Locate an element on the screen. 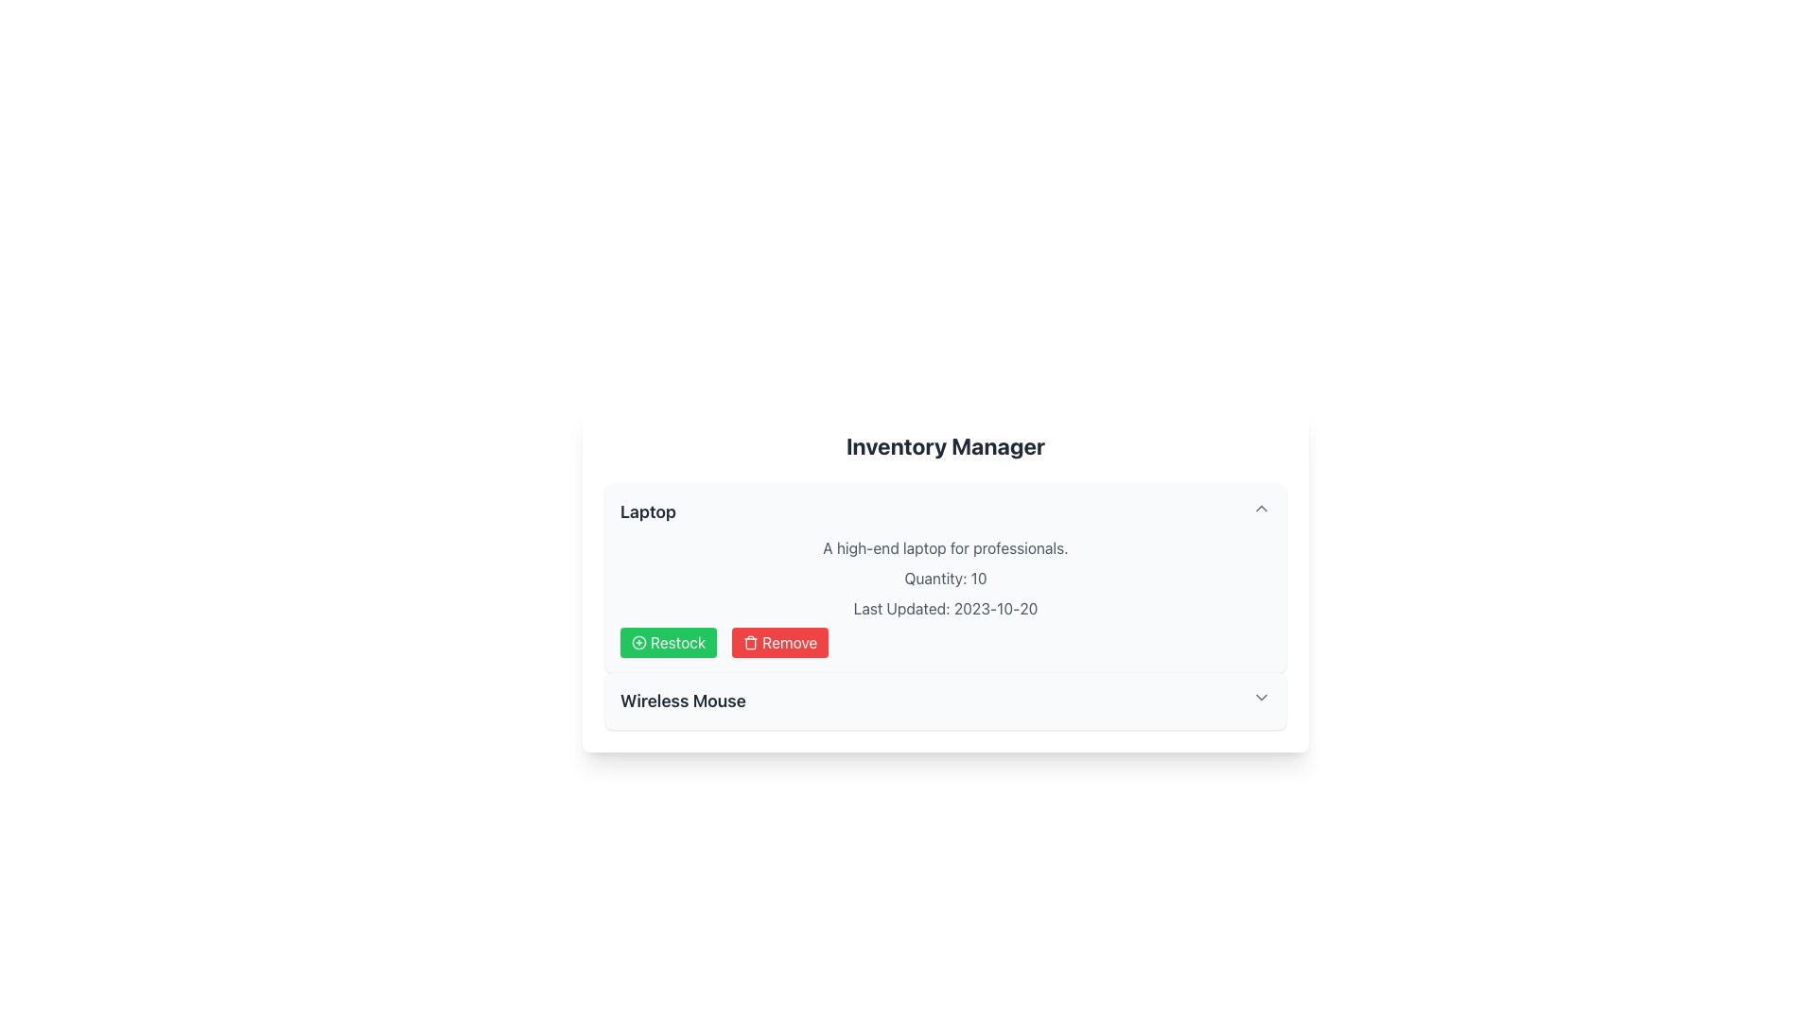  the text element displaying the word 'Laptop' in bold, dark gray font to select the text is located at coordinates (648, 512).